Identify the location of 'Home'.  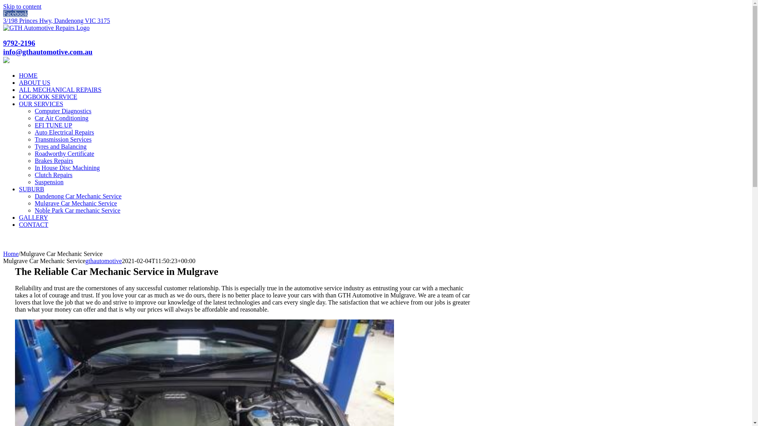
(11, 254).